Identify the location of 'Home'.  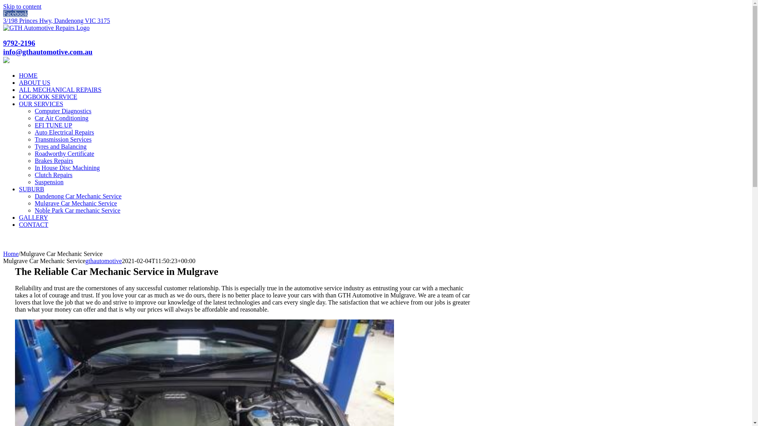
(11, 254).